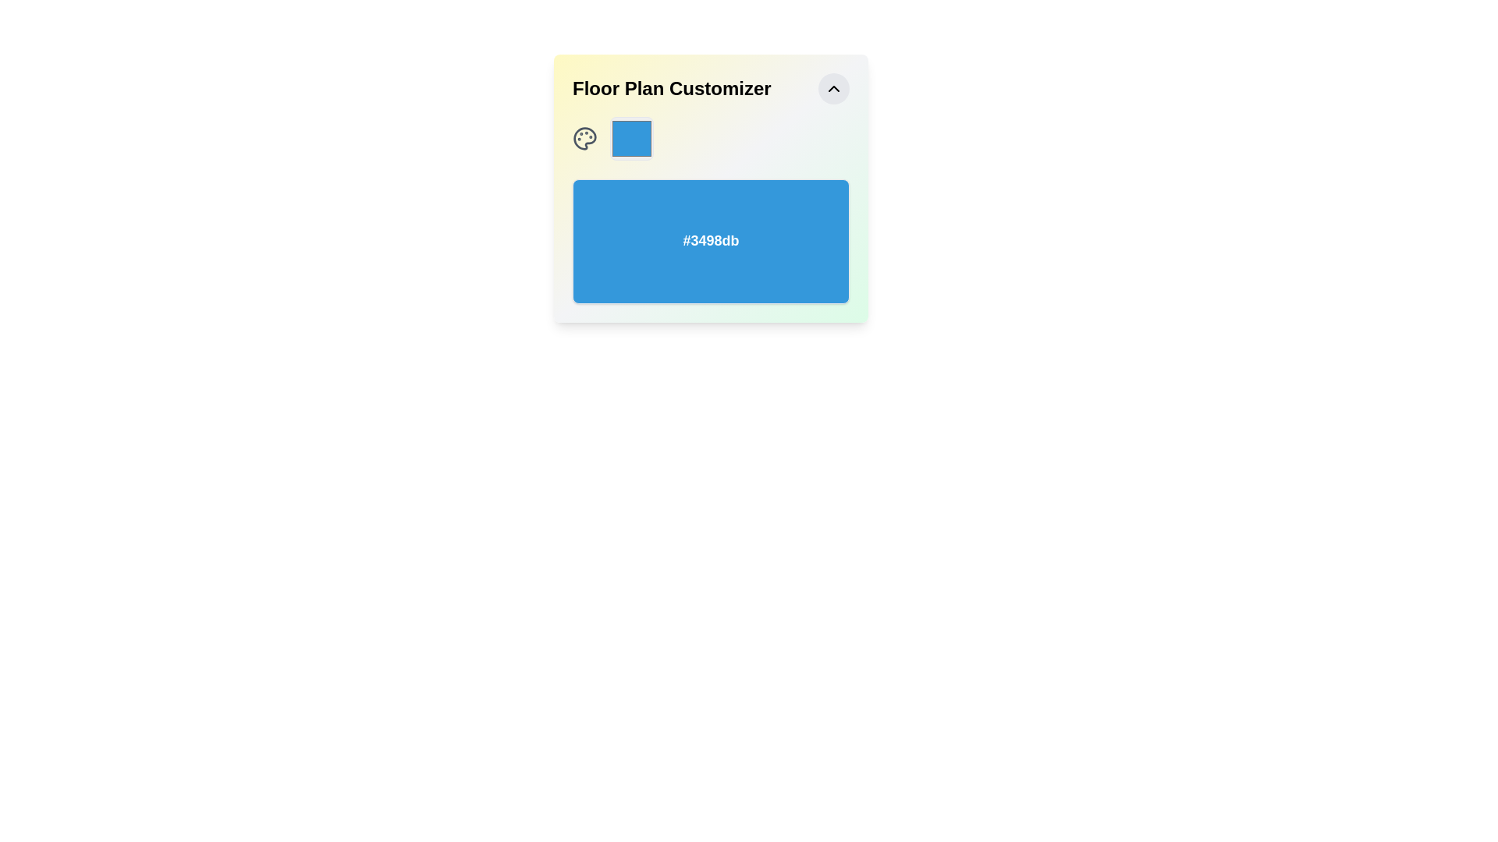 This screenshot has width=1498, height=842. I want to click on the toggle button in the top right corner of the header section labeled 'Floor Plan Customizer' to observe the hover effect, so click(833, 89).